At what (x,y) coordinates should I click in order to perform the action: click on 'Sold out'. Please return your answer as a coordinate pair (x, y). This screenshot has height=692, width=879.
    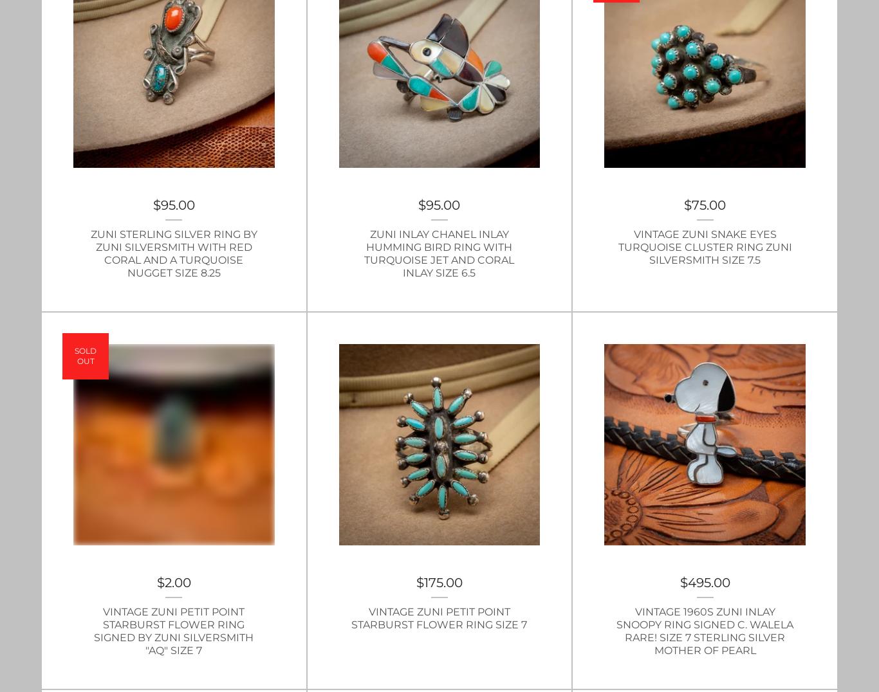
    Looking at the image, I should click on (85, 355).